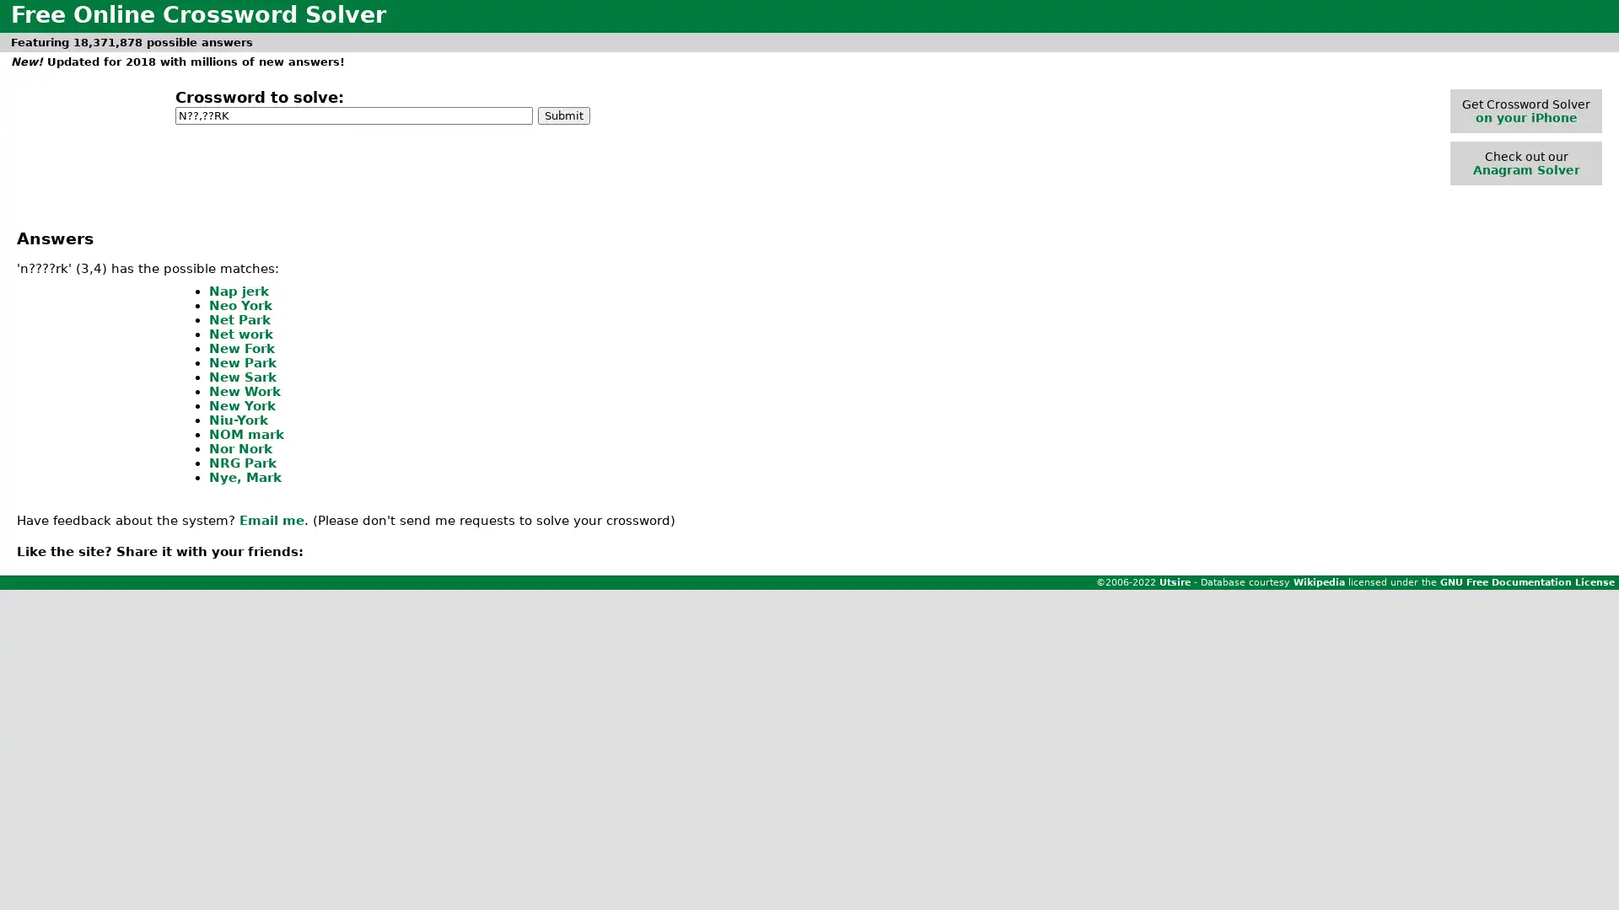 Image resolution: width=1619 pixels, height=910 pixels. Describe the element at coordinates (563, 114) in the screenshot. I see `Submit` at that location.